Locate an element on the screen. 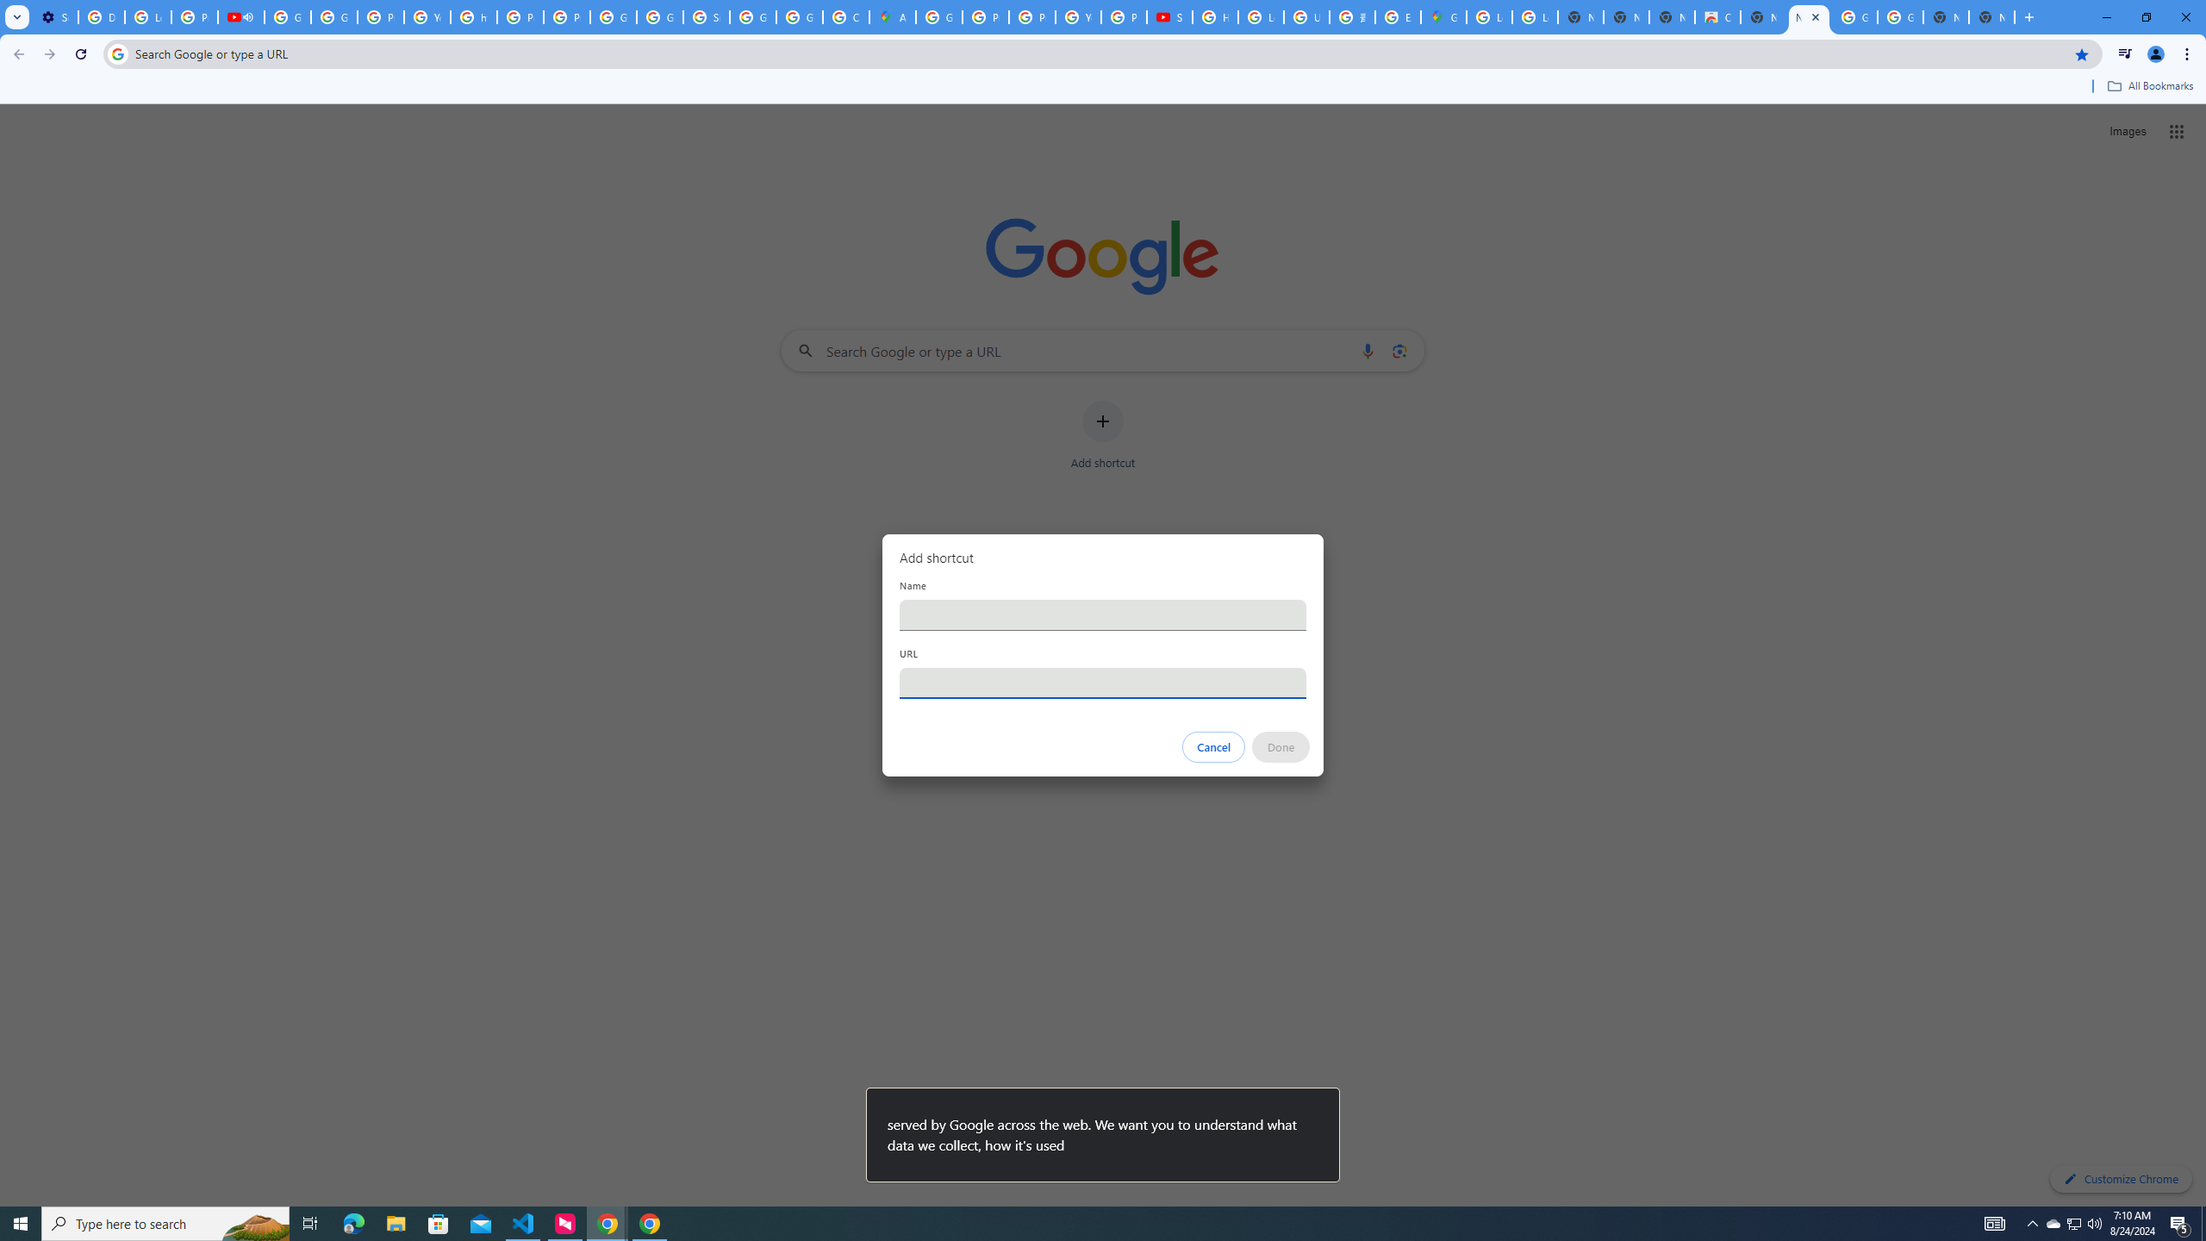 The image size is (2206, 1241). 'Control your music, videos, and more' is located at coordinates (2125, 53).